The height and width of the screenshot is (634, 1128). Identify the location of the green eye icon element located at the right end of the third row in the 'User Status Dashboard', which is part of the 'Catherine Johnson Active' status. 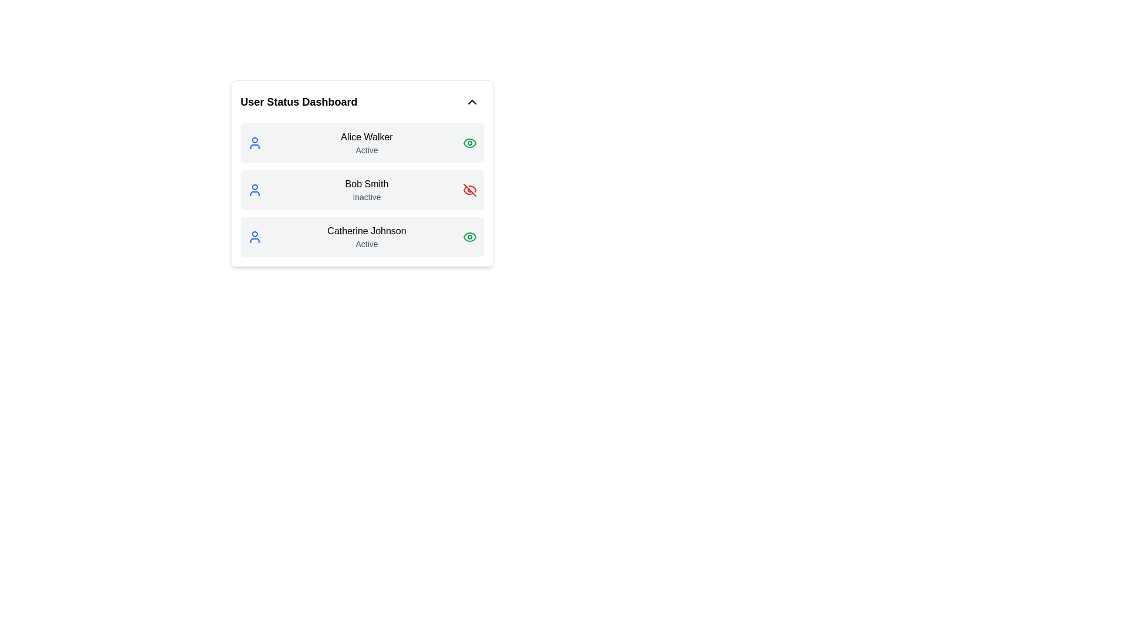
(469, 142).